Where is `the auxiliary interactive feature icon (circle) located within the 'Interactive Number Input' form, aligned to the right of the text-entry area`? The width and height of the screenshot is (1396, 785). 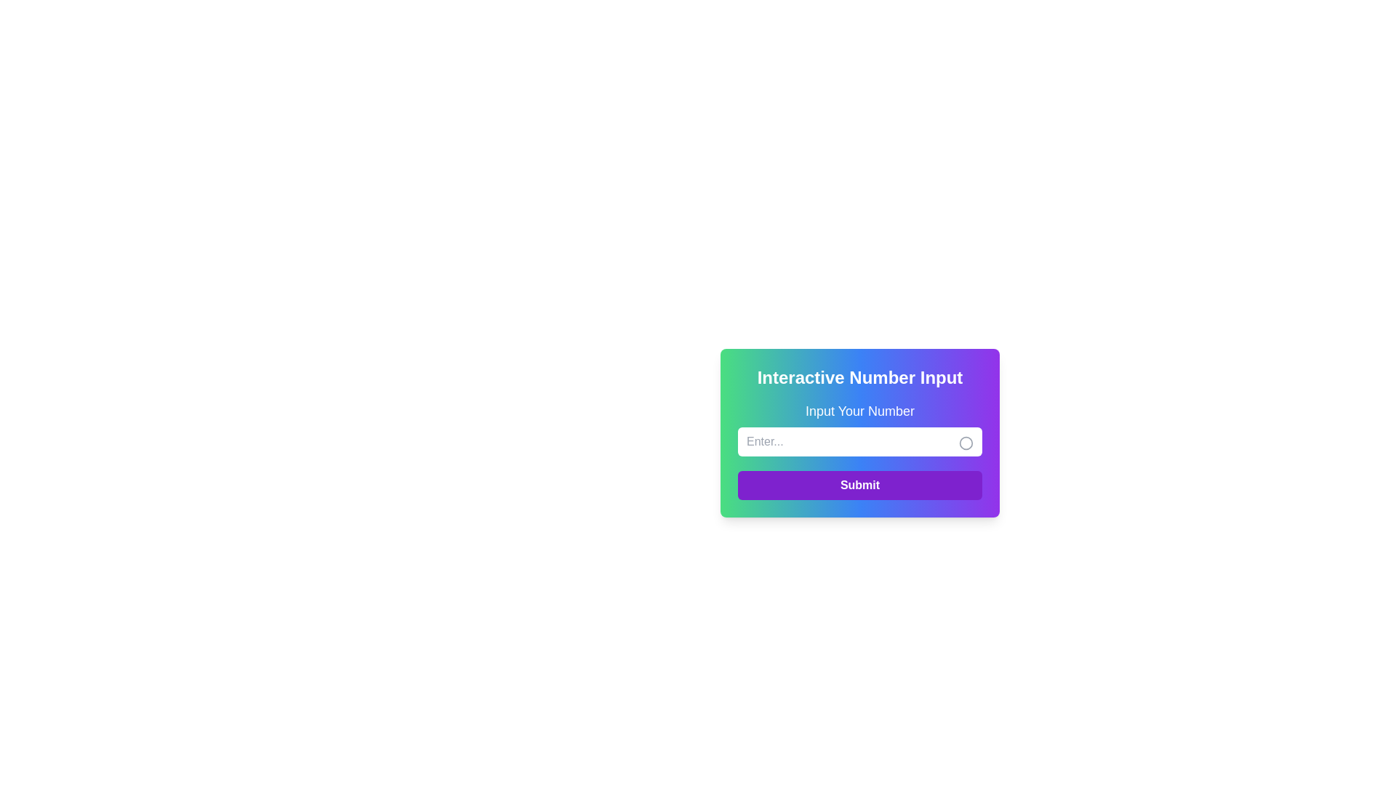
the auxiliary interactive feature icon (circle) located within the 'Interactive Number Input' form, aligned to the right of the text-entry area is located at coordinates (966, 442).